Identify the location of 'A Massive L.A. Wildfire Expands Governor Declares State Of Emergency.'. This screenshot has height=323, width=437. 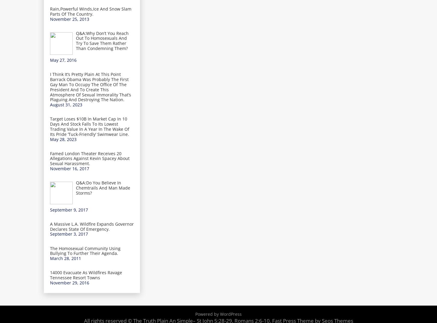
(92, 226).